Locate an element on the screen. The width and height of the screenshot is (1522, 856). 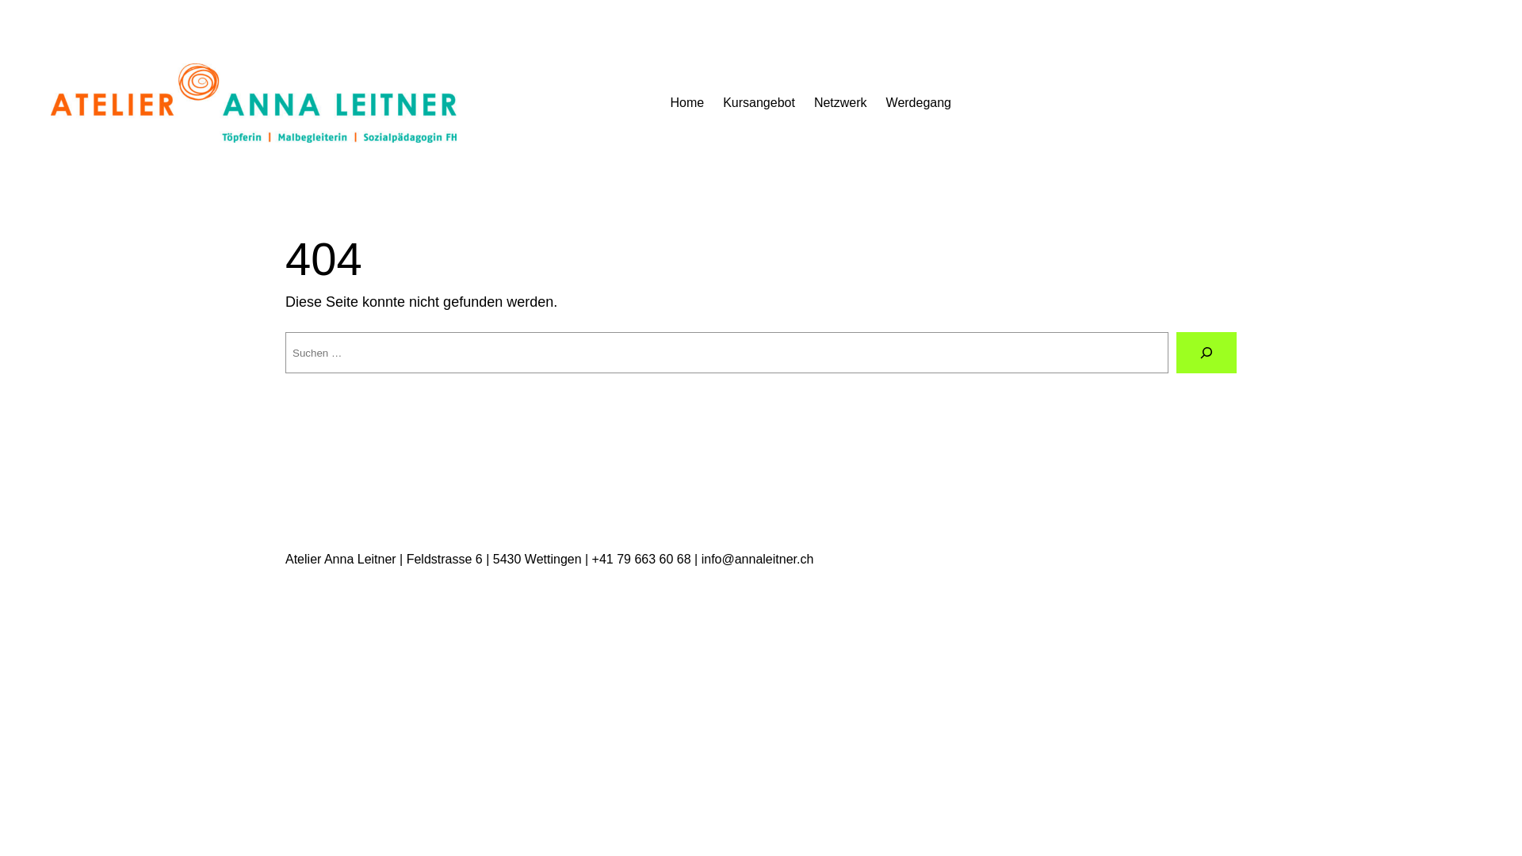
'Netzwerk' is located at coordinates (814, 103).